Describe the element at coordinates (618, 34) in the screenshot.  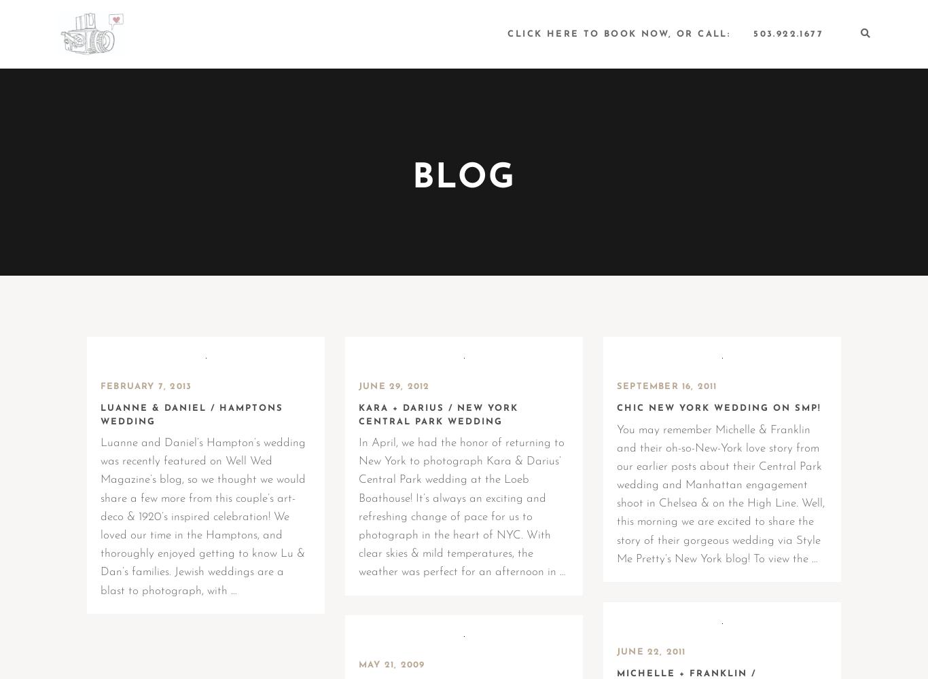
I see `'Click here to Book Now, or call:'` at that location.